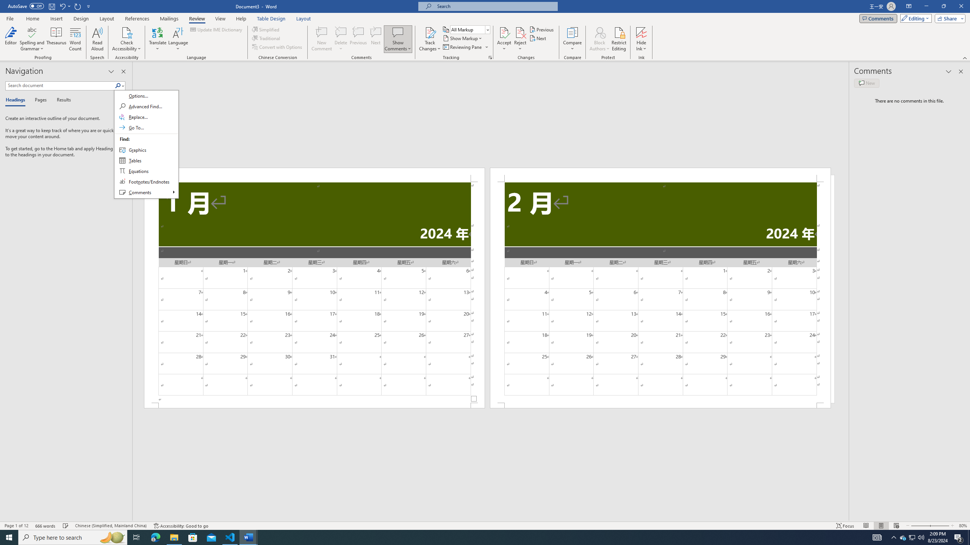 This screenshot has width=970, height=545. Describe the element at coordinates (62, 6) in the screenshot. I see `'Undo Increase Indent'` at that location.